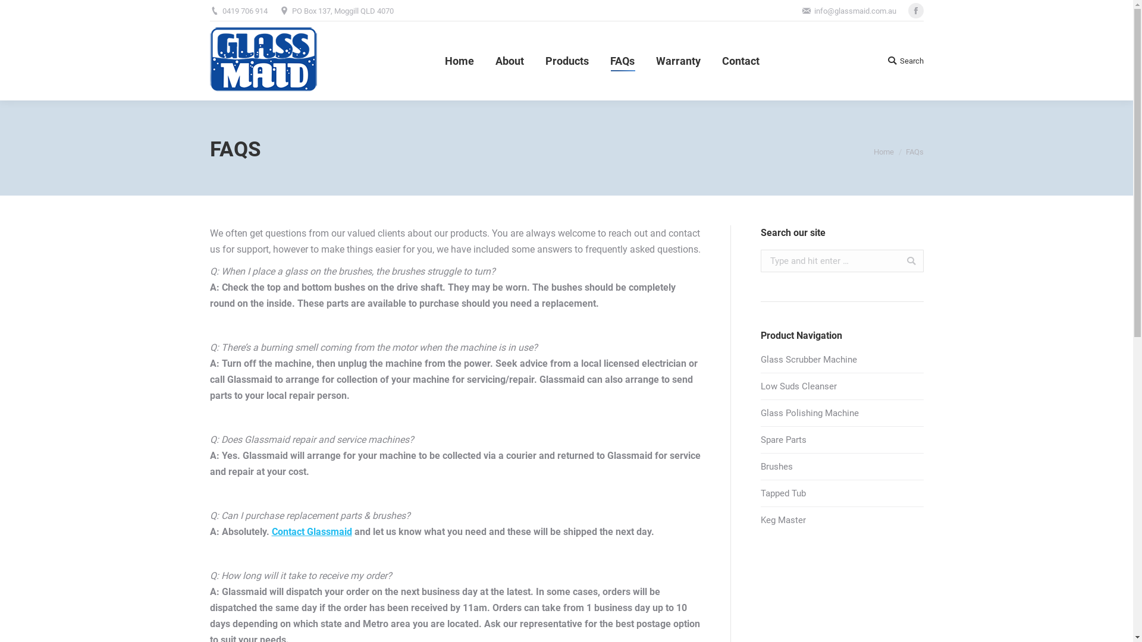 The image size is (1142, 642). I want to click on 'FAQs', so click(608, 61).